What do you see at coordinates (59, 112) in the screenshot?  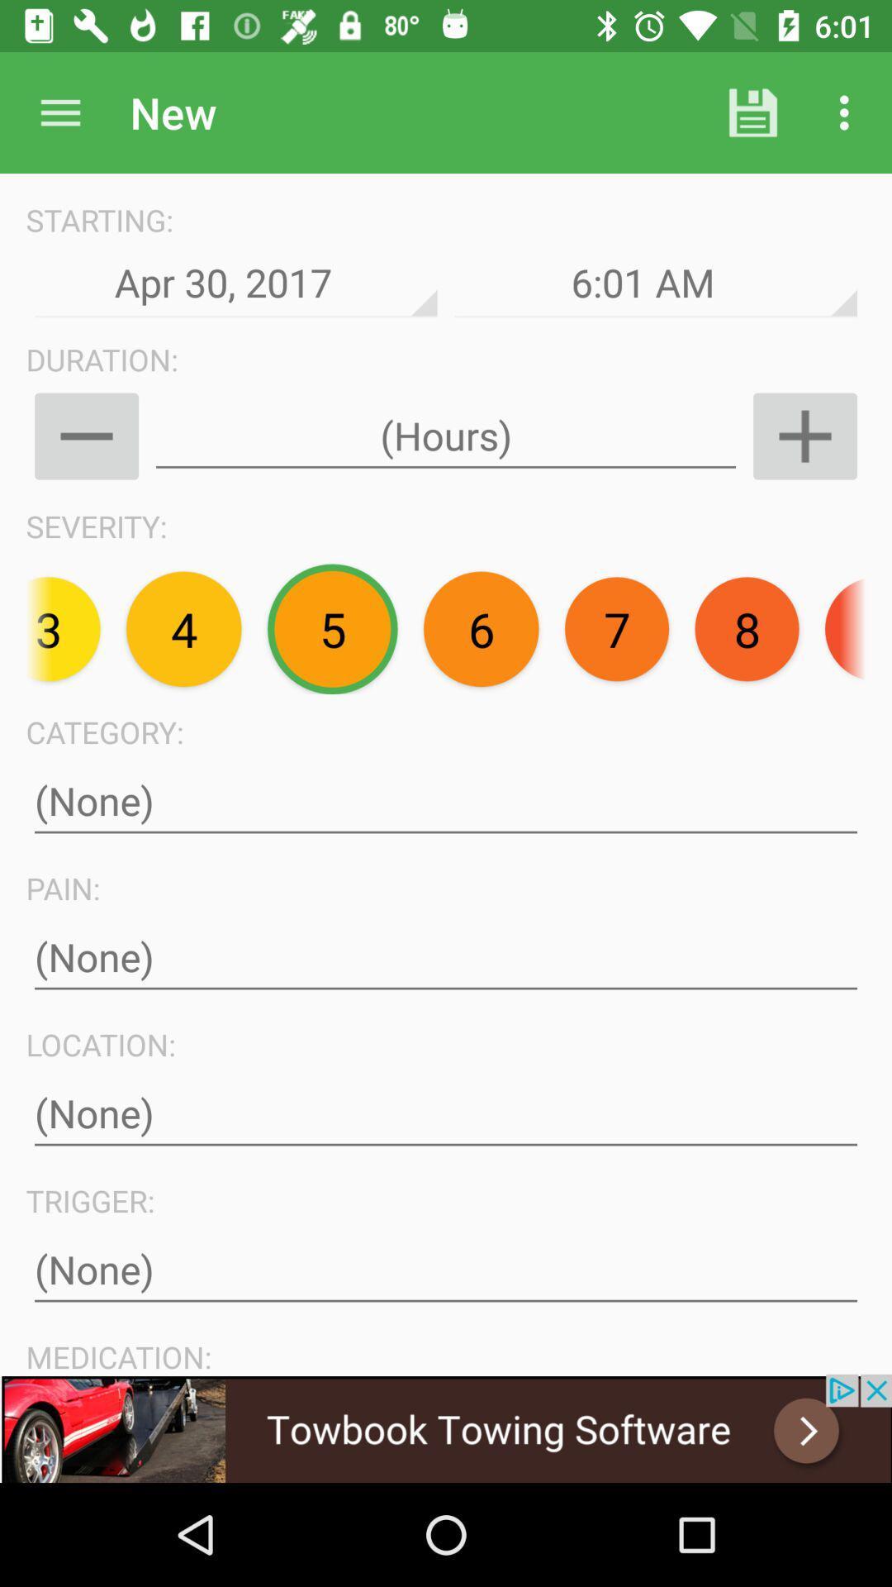 I see `setting bar option` at bounding box center [59, 112].